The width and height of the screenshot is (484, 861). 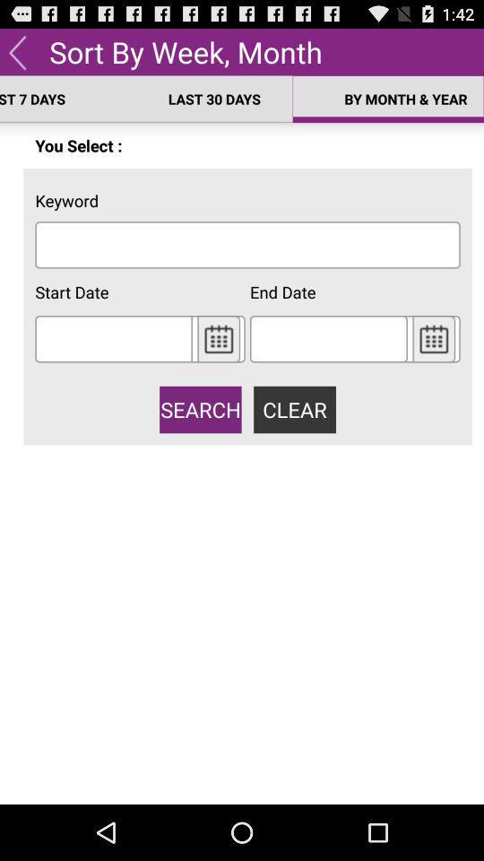 What do you see at coordinates (16, 50) in the screenshot?
I see `back to menu` at bounding box center [16, 50].